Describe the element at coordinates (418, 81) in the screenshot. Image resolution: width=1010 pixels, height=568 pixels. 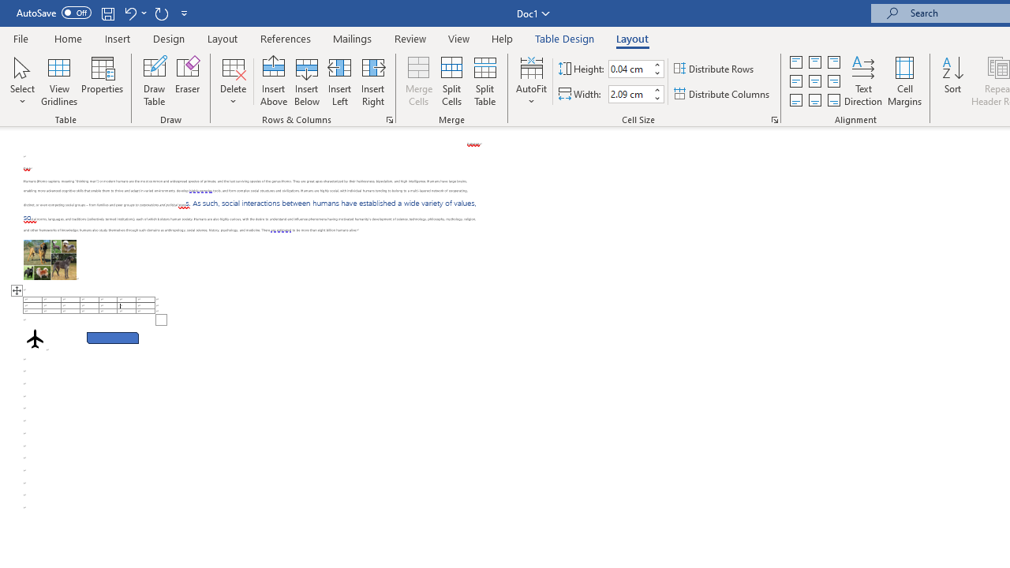
I see `'Merge Cells'` at that location.